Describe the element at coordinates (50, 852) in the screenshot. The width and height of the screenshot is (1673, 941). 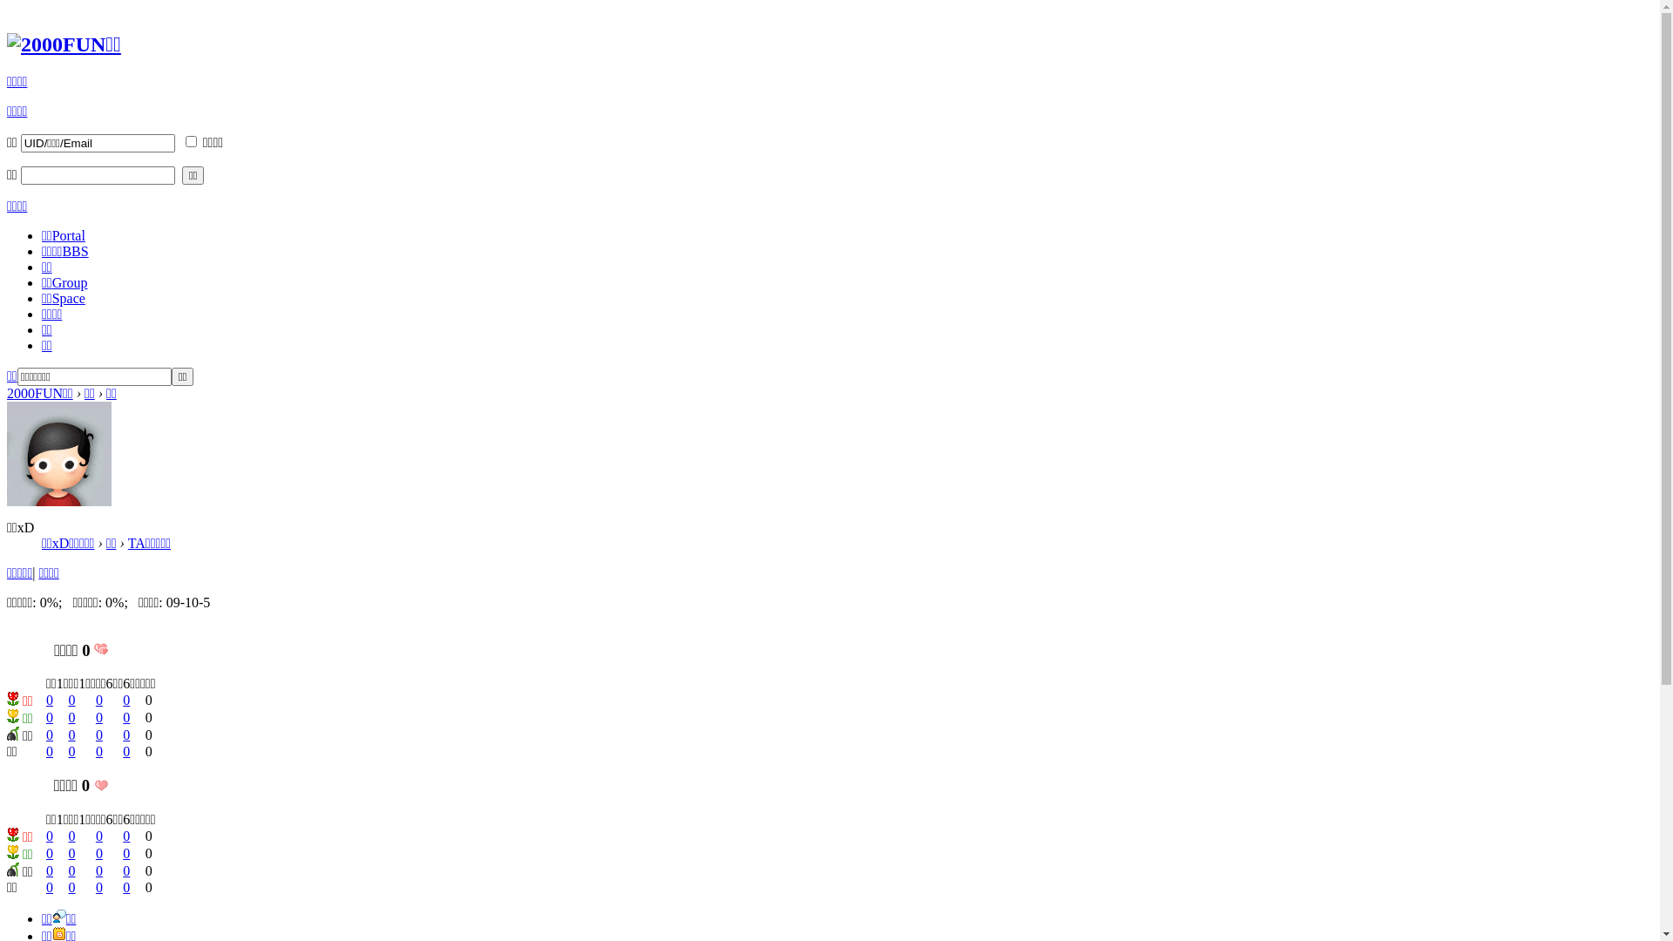
I see `'0'` at that location.